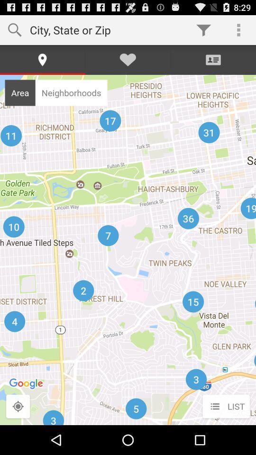  Describe the element at coordinates (18, 406) in the screenshot. I see `the icon to the left of list icon` at that location.